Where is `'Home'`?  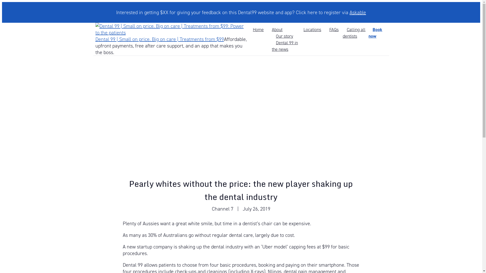
'Home' is located at coordinates (258, 29).